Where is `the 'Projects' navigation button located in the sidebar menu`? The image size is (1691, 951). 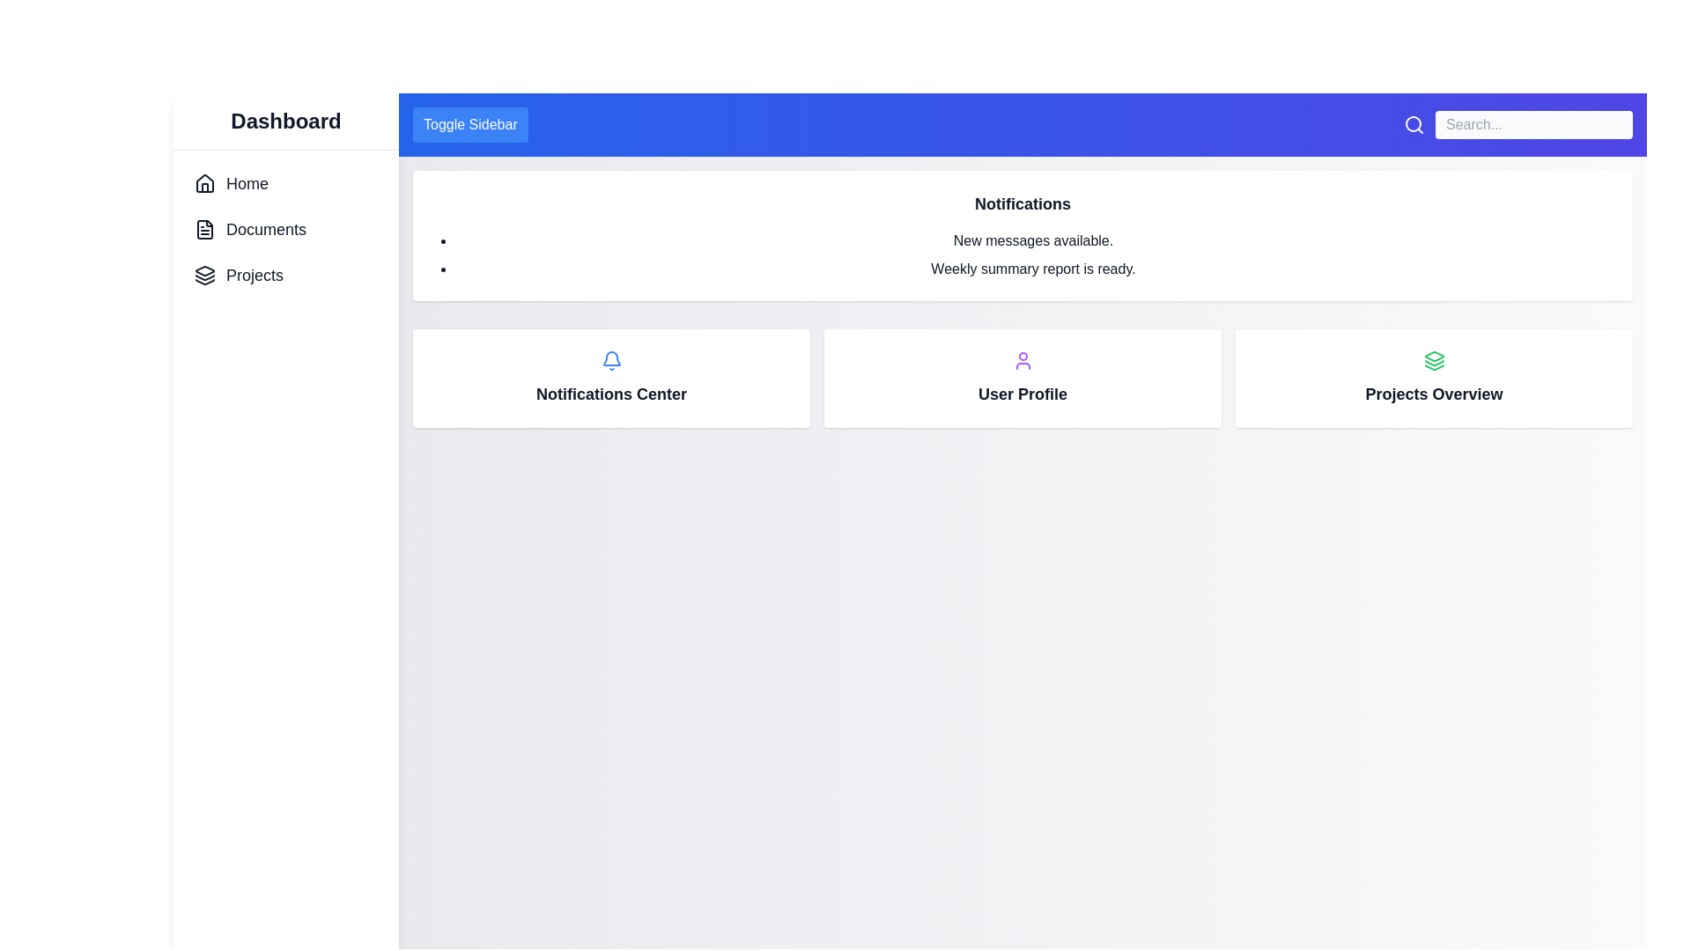 the 'Projects' navigation button located in the sidebar menu is located at coordinates (238, 275).